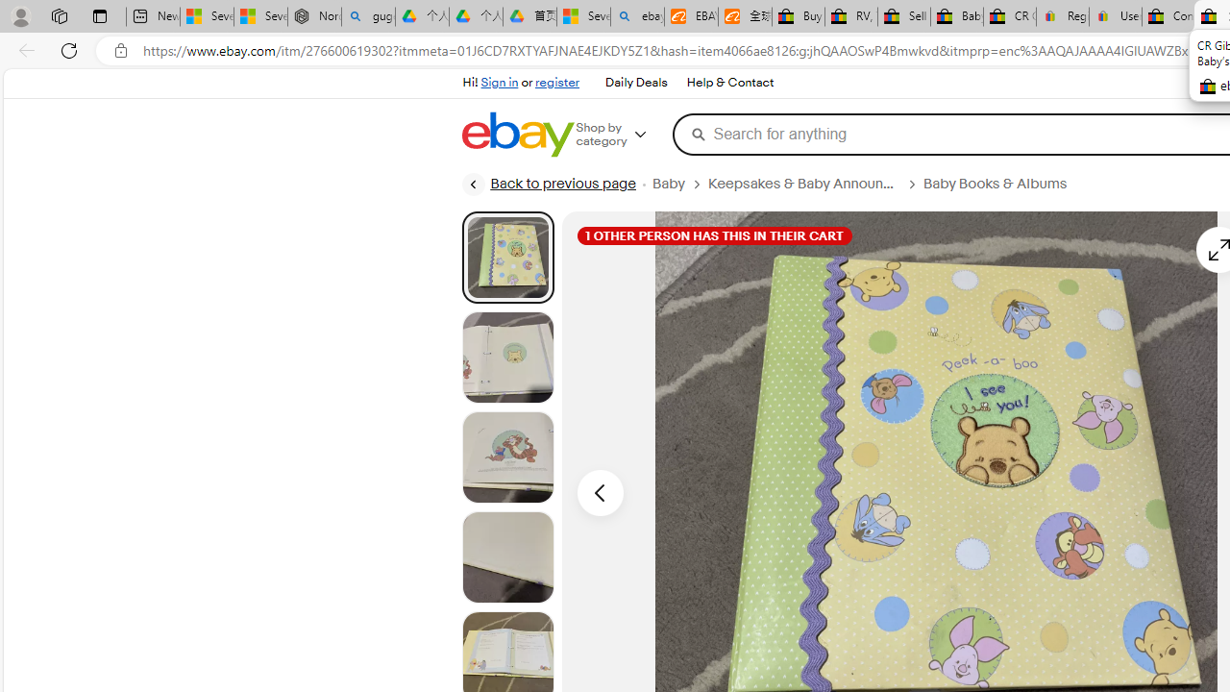  I want to click on 'register', so click(555, 82).